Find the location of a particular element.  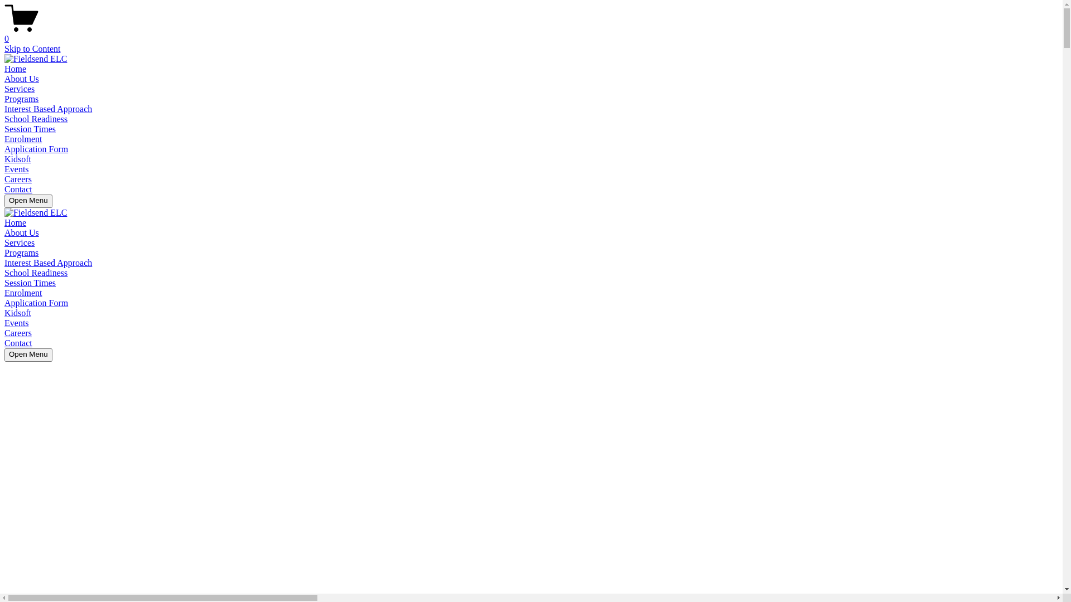

'Open Menu' is located at coordinates (28, 201).